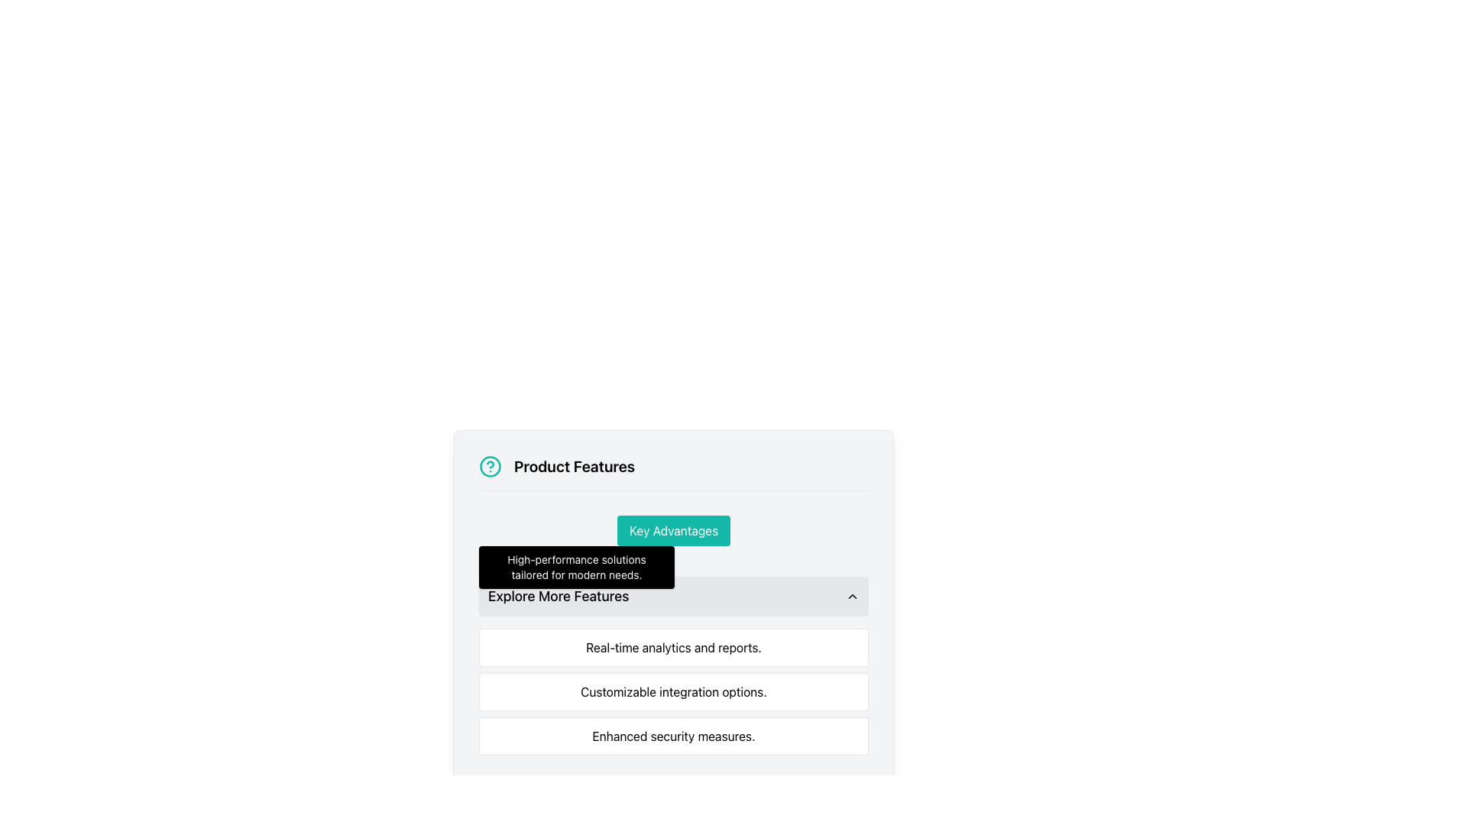 This screenshot has height=825, width=1467. What do you see at coordinates (673, 490) in the screenshot?
I see `the decorative horizontal line located beneath the 'Product Features' title and above the 'Key Advantages' subsection` at bounding box center [673, 490].